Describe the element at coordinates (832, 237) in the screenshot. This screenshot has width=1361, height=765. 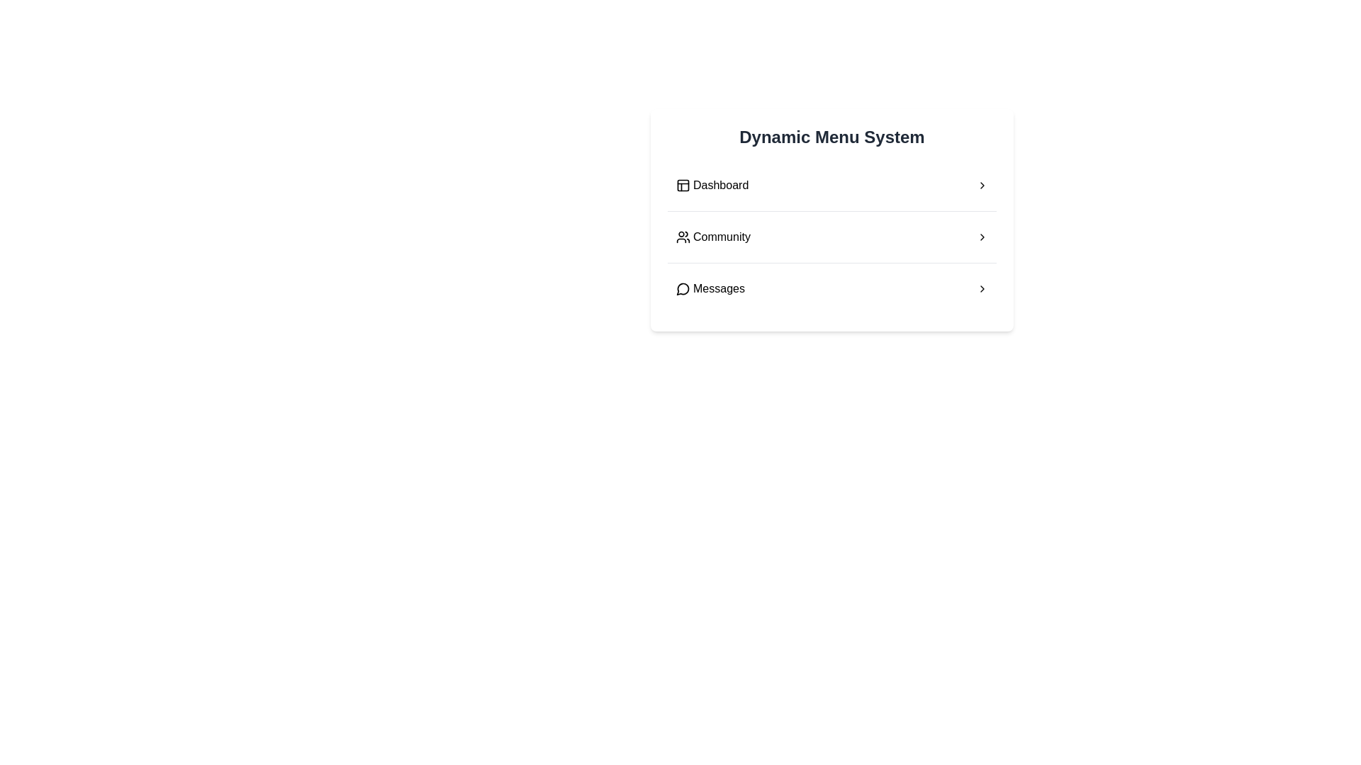
I see `the second row of the Navigation Menu Item, which redirects to the Community section` at that location.